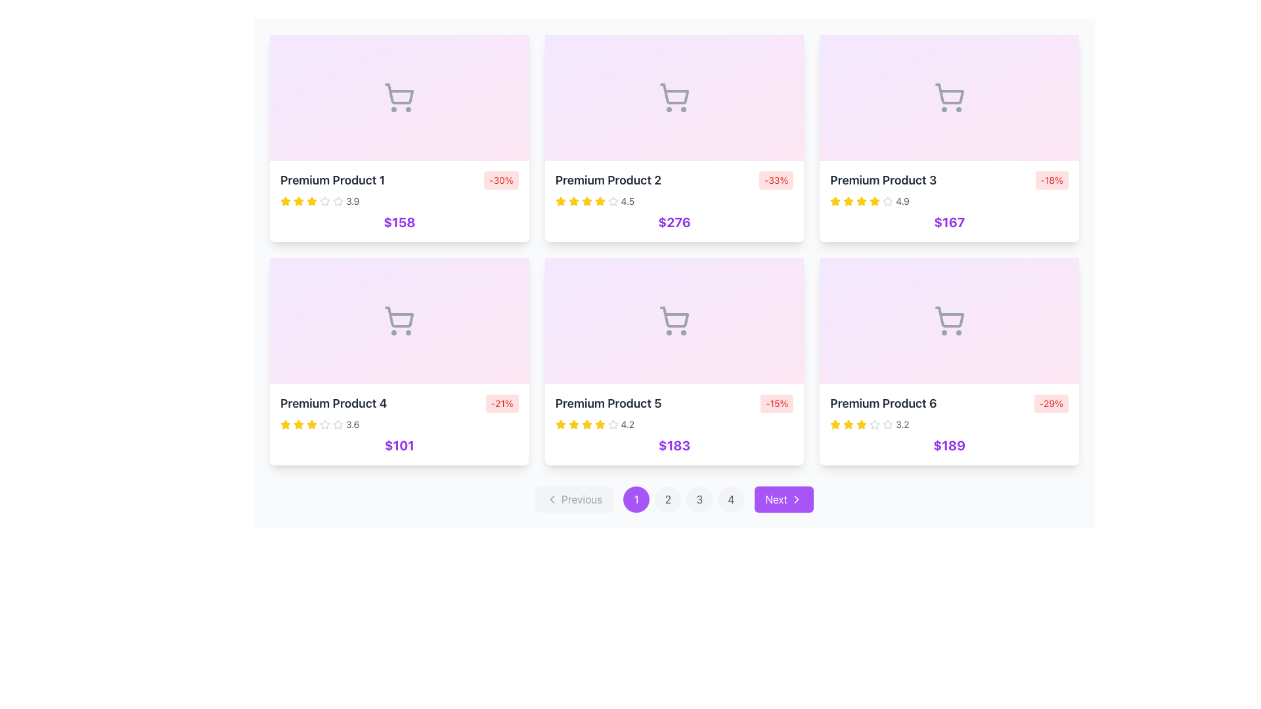  Describe the element at coordinates (574, 499) in the screenshot. I see `the disabled previous page button located at the bottom left of the navigation controls` at that location.